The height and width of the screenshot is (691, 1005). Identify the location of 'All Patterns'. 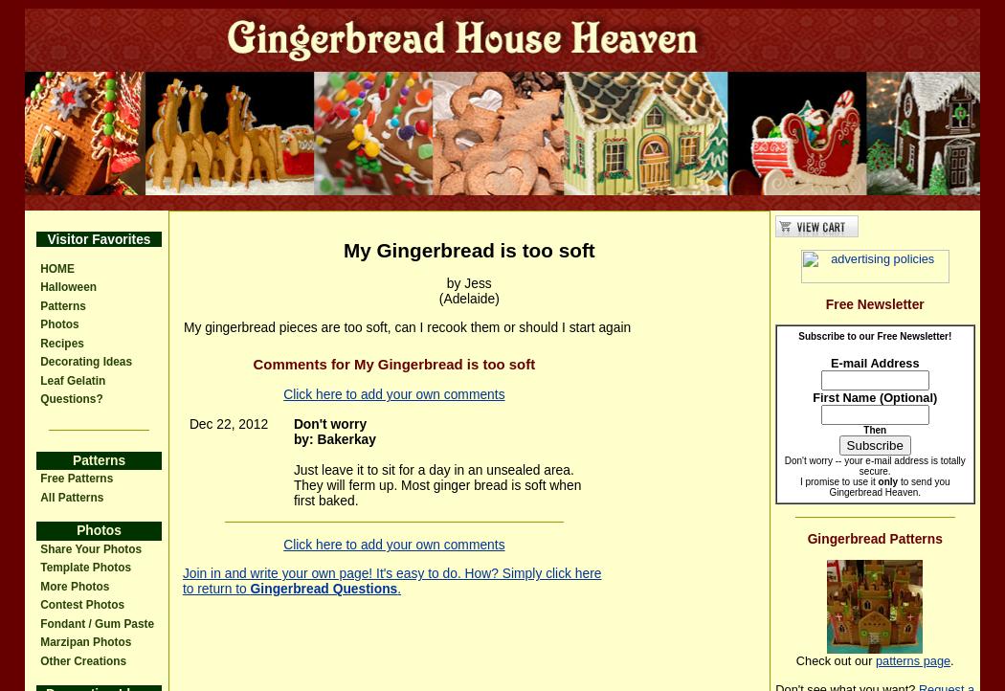
(70, 496).